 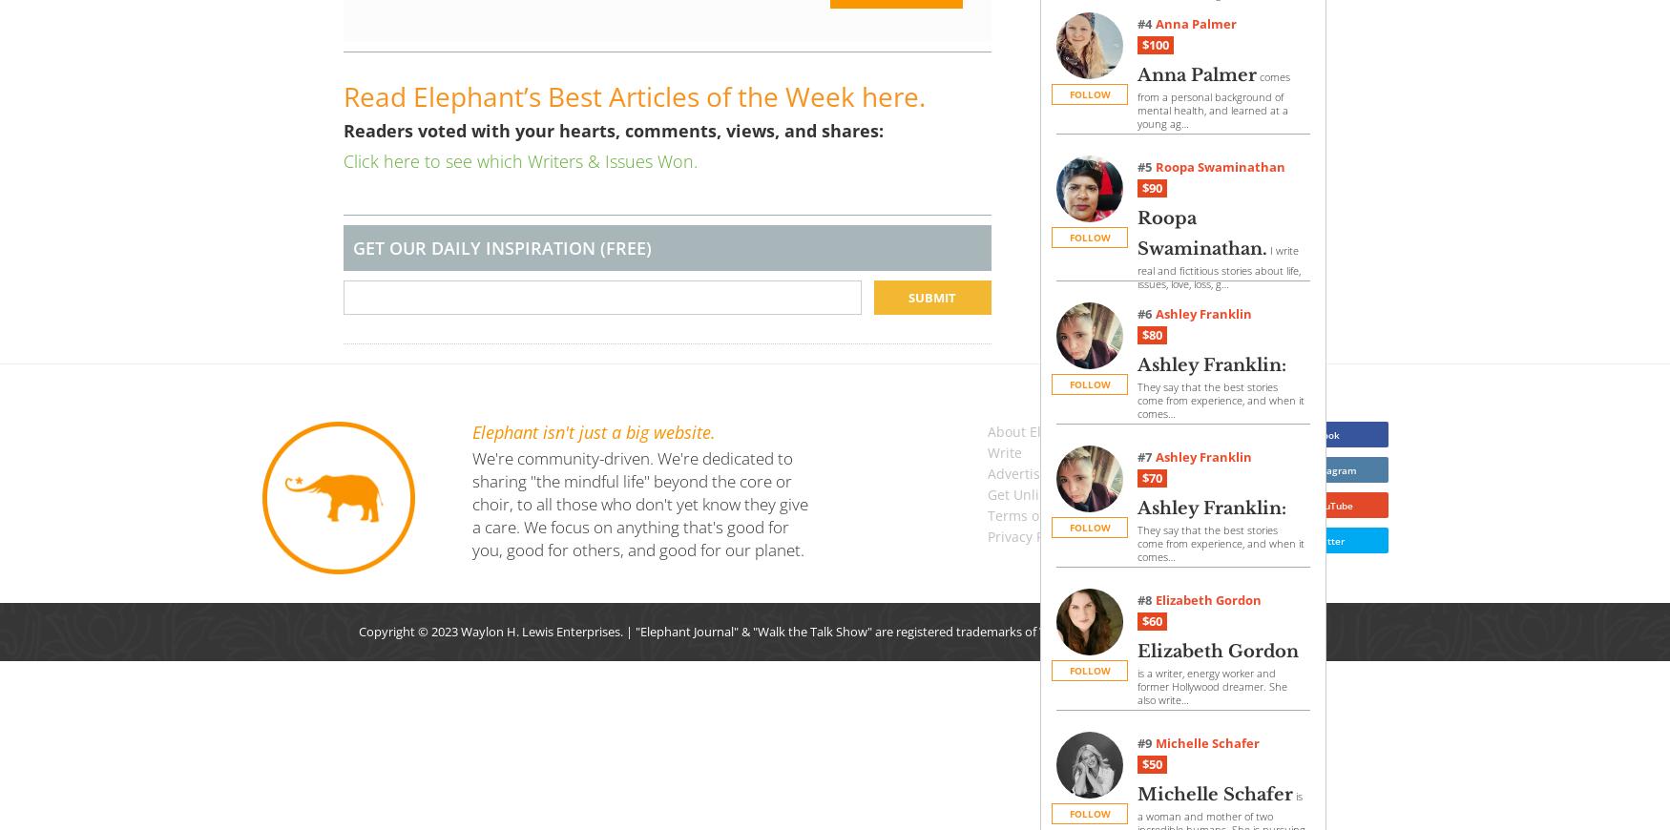 What do you see at coordinates (343, 95) in the screenshot?
I see `'Read Elephant’s Best Articles of the Week here.'` at bounding box center [343, 95].